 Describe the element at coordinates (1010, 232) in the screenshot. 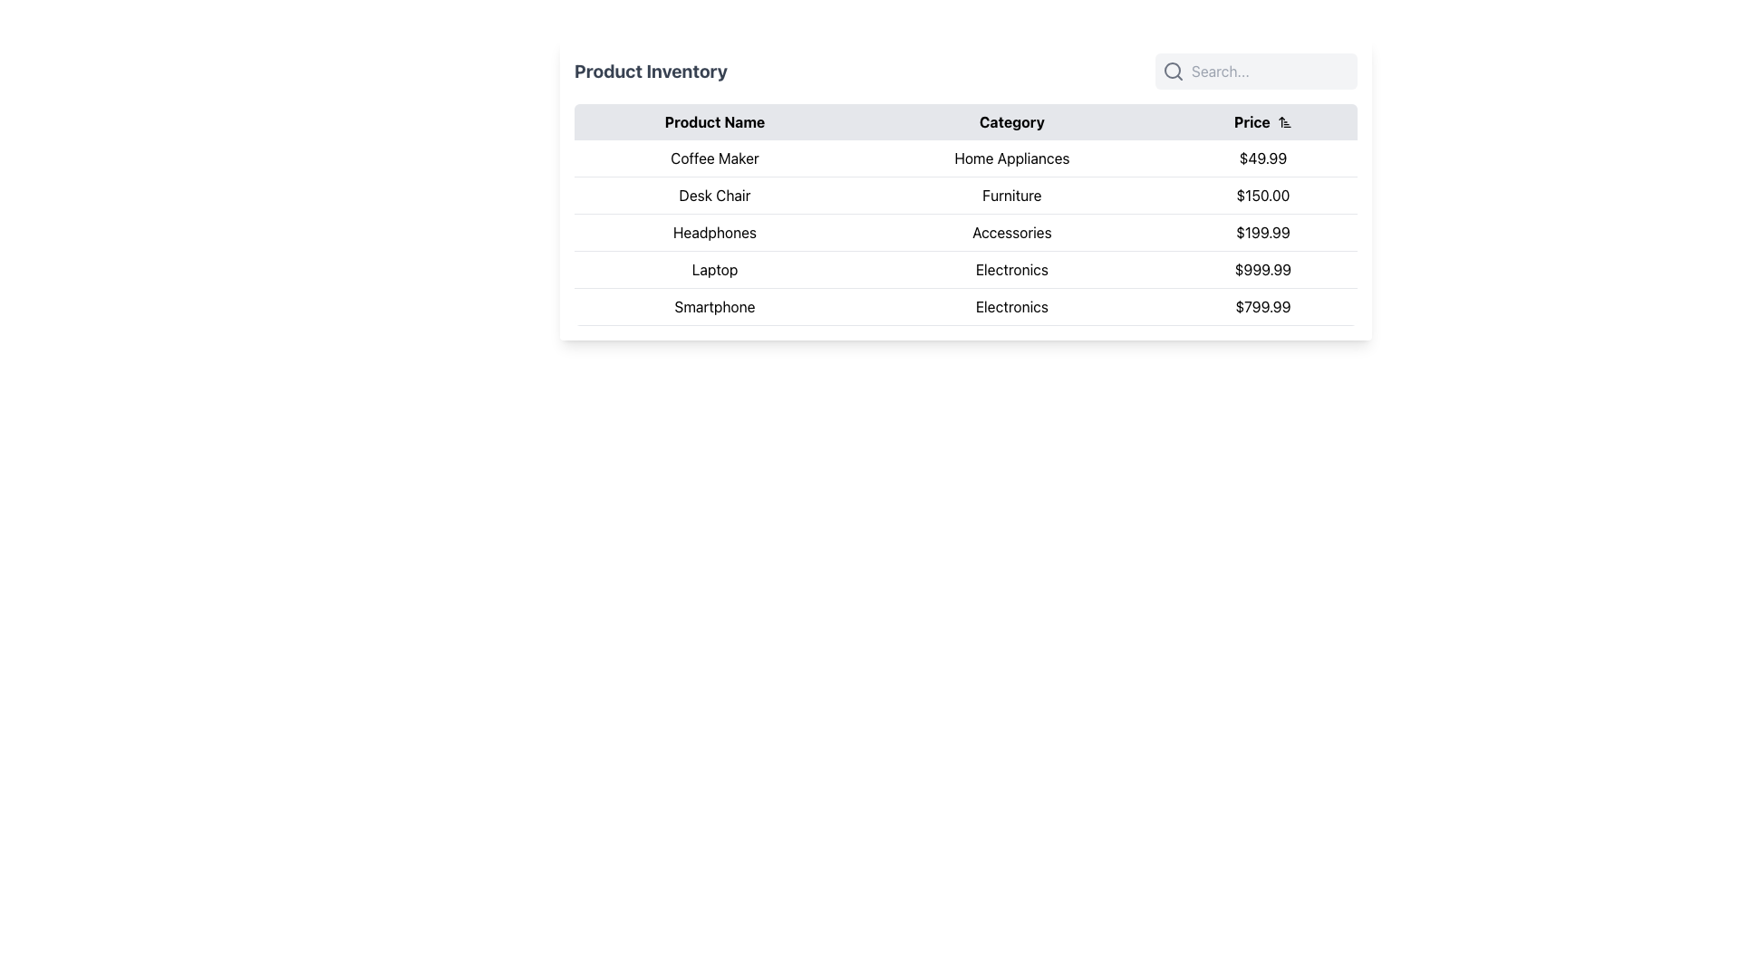

I see `the category label for the product in the table row, positioned between 'Headphones' and the price '$199.99'` at that location.